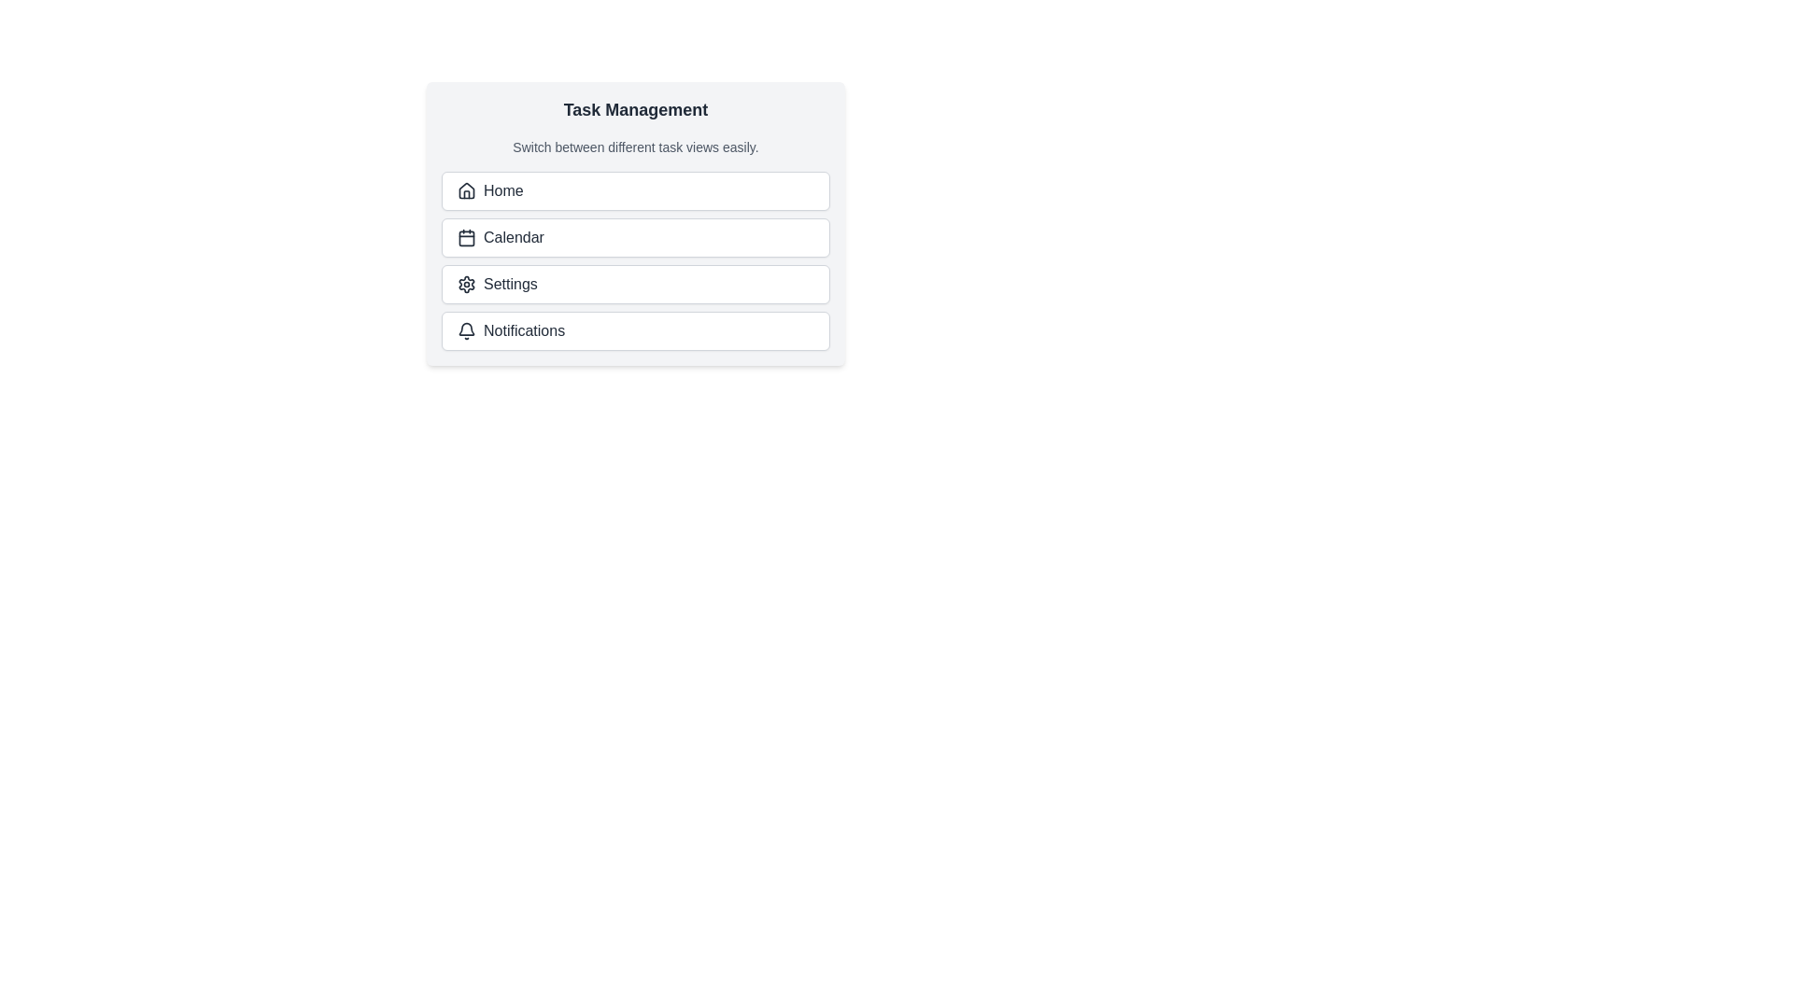  Describe the element at coordinates (636, 284) in the screenshot. I see `the third button in the vertical list of navigation options under 'Task Management'` at that location.